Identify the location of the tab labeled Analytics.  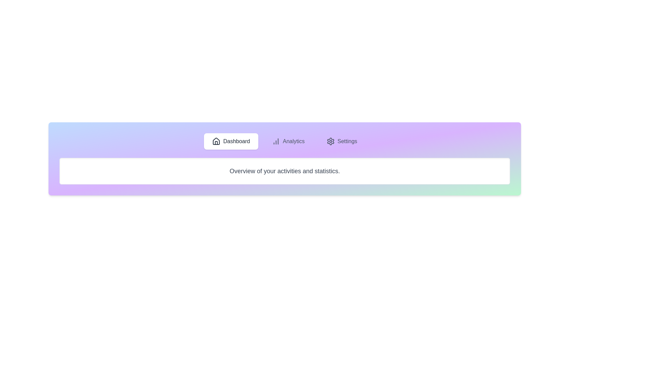
(288, 141).